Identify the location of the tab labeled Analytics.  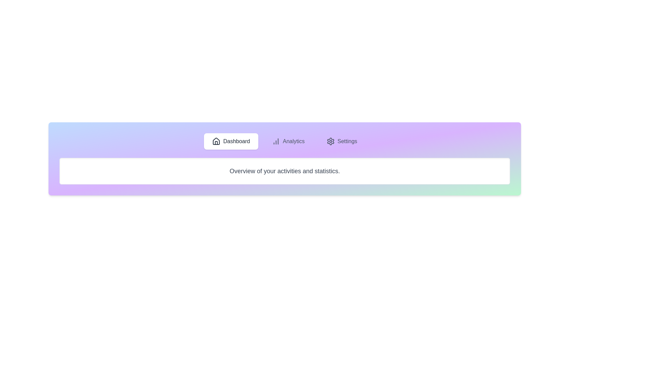
(288, 141).